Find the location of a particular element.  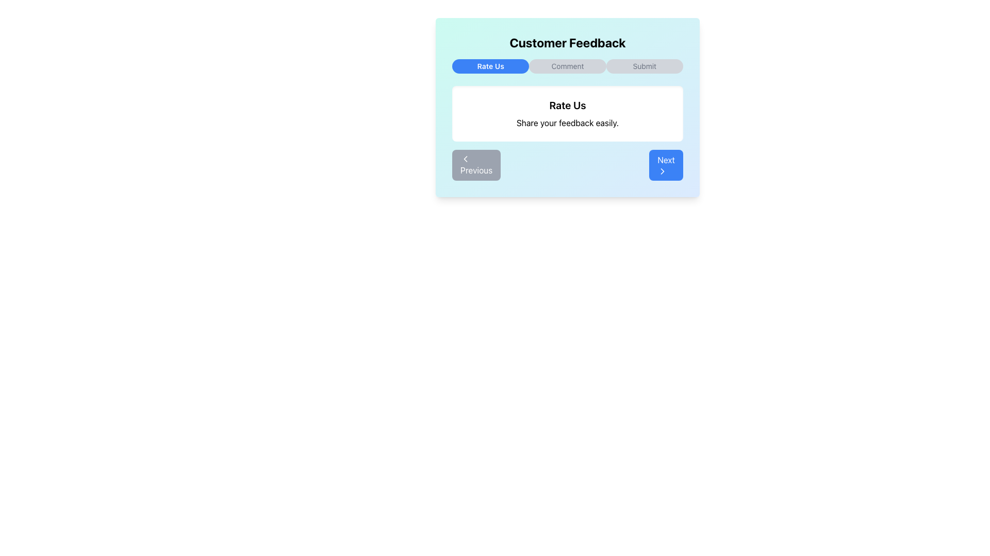

text label displaying 'Customer Feedback' which is located at the top center of the customer interaction section is located at coordinates (567, 42).